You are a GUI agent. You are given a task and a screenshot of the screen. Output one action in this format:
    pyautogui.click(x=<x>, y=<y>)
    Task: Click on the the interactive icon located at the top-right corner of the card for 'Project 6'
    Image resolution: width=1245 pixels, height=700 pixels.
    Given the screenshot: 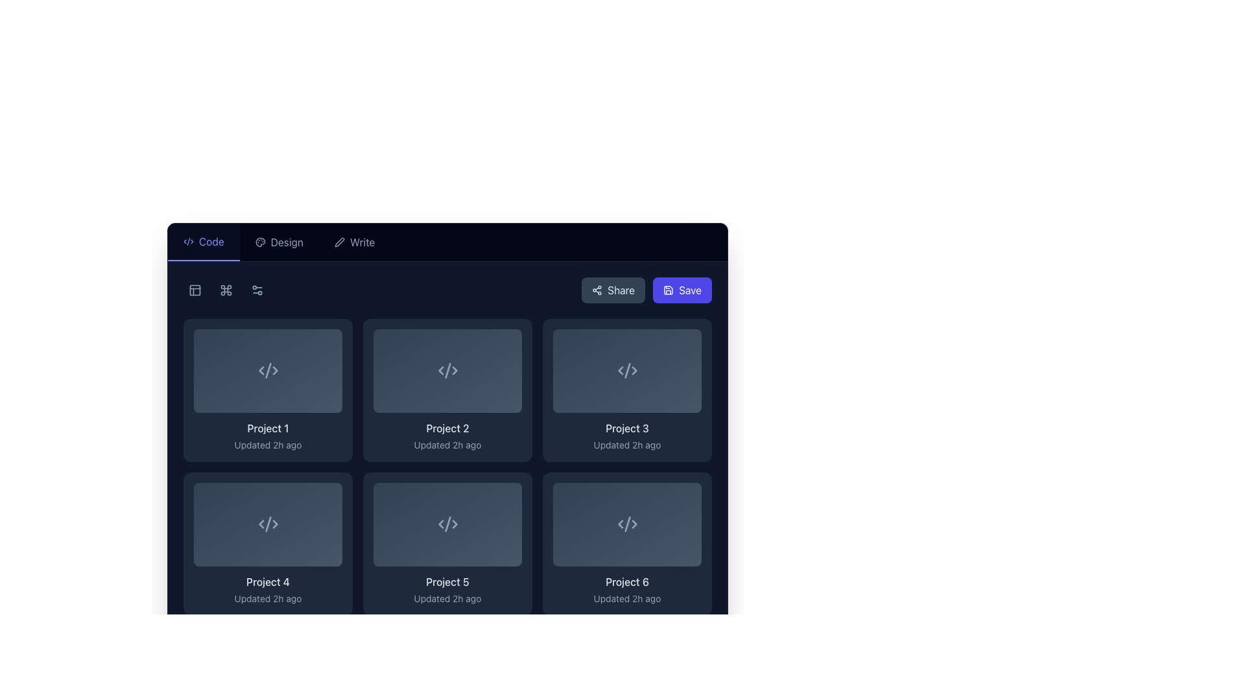 What is the action you would take?
    pyautogui.click(x=698, y=485)
    